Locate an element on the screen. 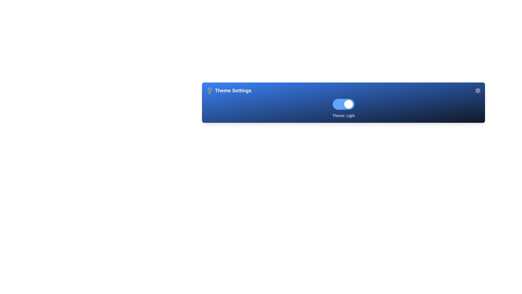  the gear-shaped settings icon located in the top-right corner of the blue bar is located at coordinates (477, 90).